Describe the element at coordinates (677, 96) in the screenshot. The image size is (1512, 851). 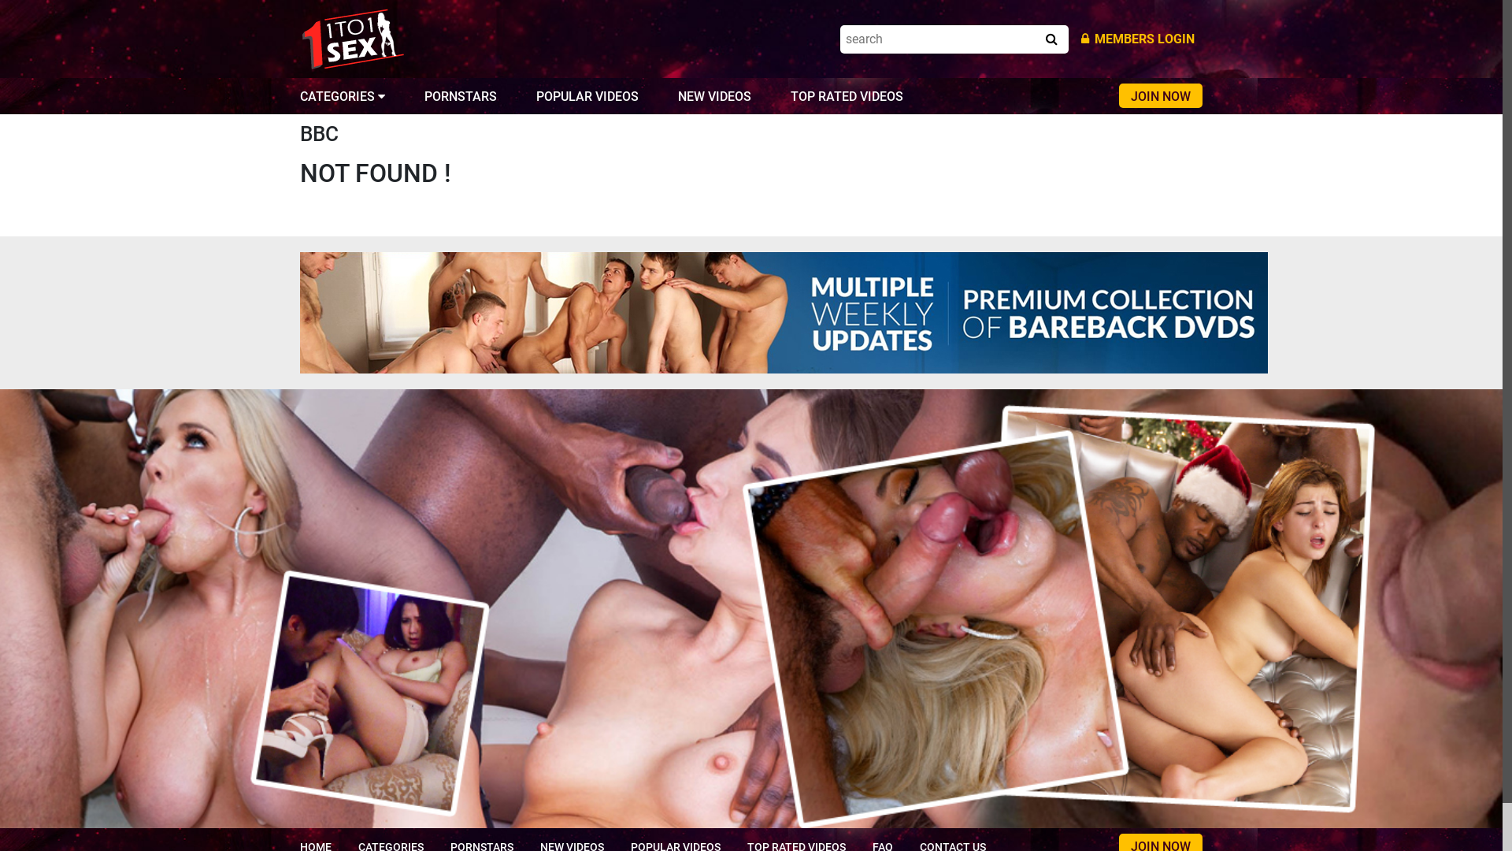
I see `'NEW VIDEOS'` at that location.